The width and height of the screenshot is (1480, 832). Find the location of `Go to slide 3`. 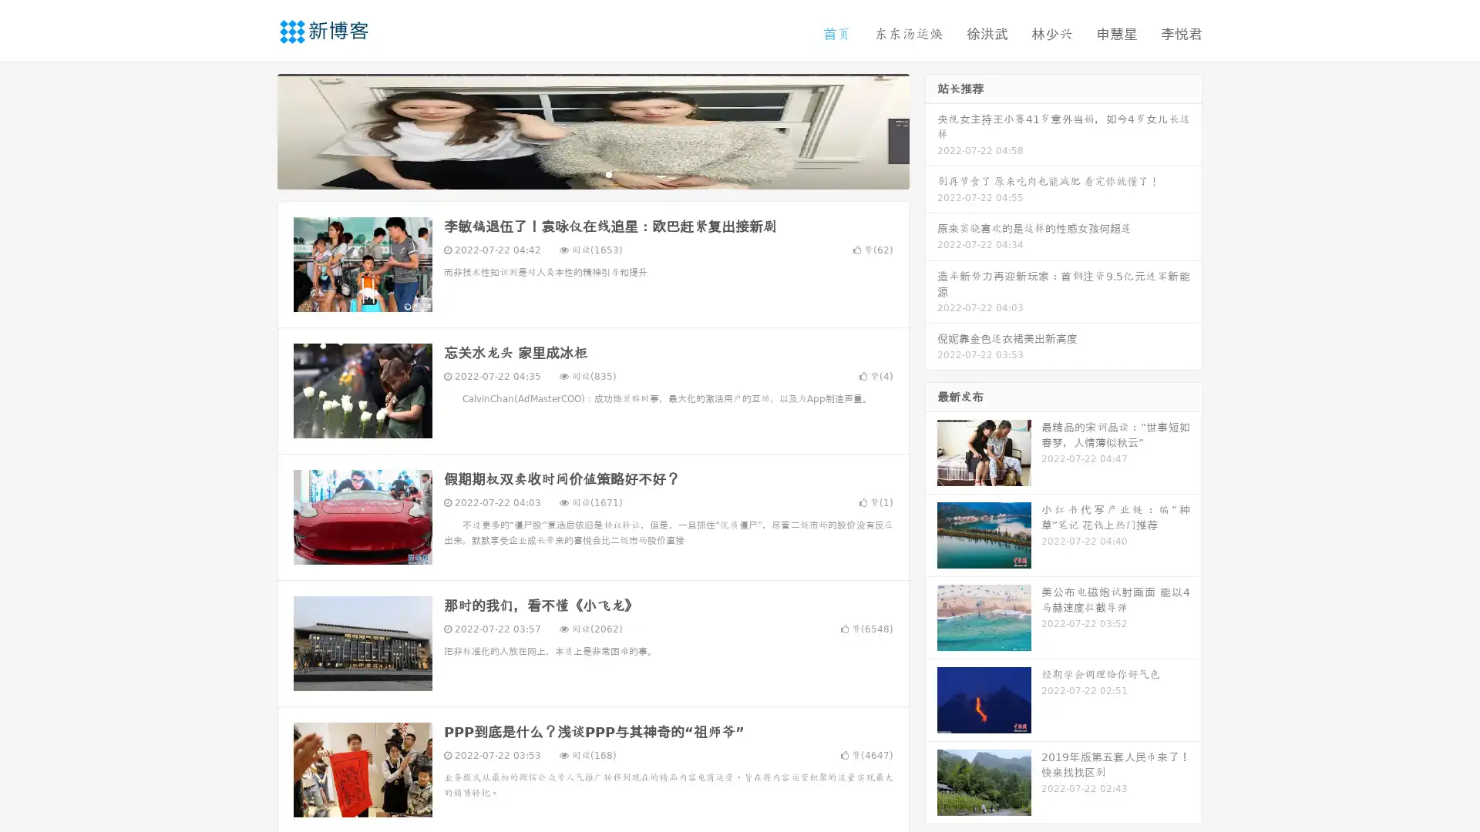

Go to slide 3 is located at coordinates (608, 173).